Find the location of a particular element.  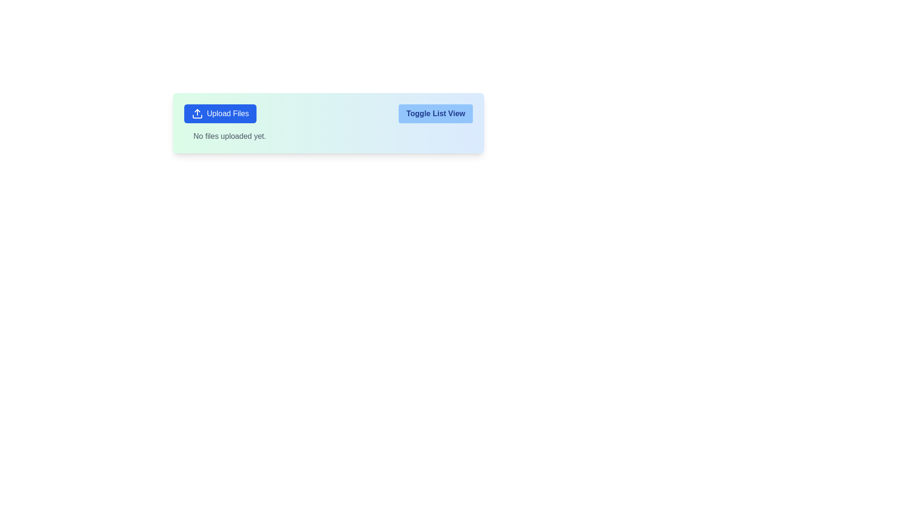

the upload icon located on the leftmost side of the 'Upload Files' button within the upper-left area of a card component is located at coordinates (197, 113).